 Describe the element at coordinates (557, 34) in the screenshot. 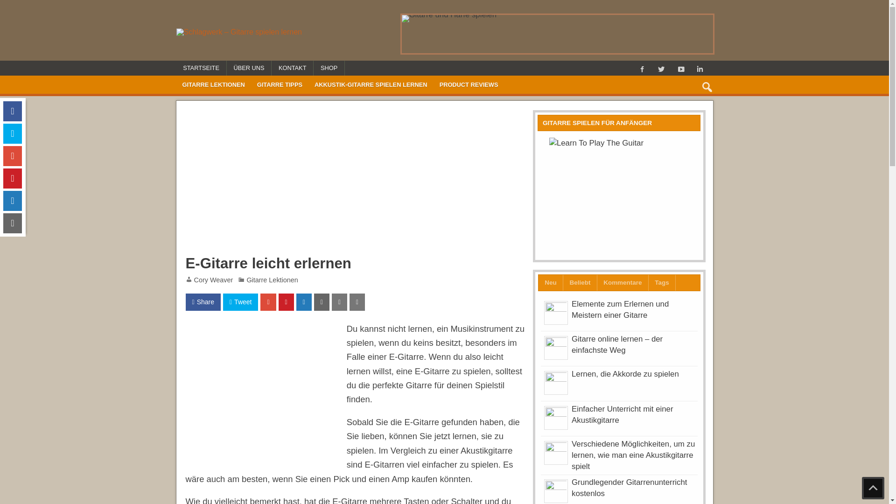

I see `'Gitarre und Harfe spielen'` at that location.